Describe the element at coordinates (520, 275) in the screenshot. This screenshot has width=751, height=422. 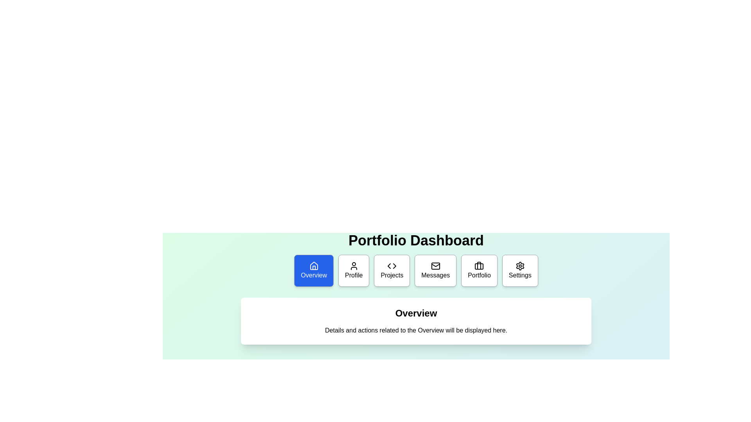
I see `the 'Settings' text label, which is the last item in the menu sequence and has a gear icon above it` at that location.